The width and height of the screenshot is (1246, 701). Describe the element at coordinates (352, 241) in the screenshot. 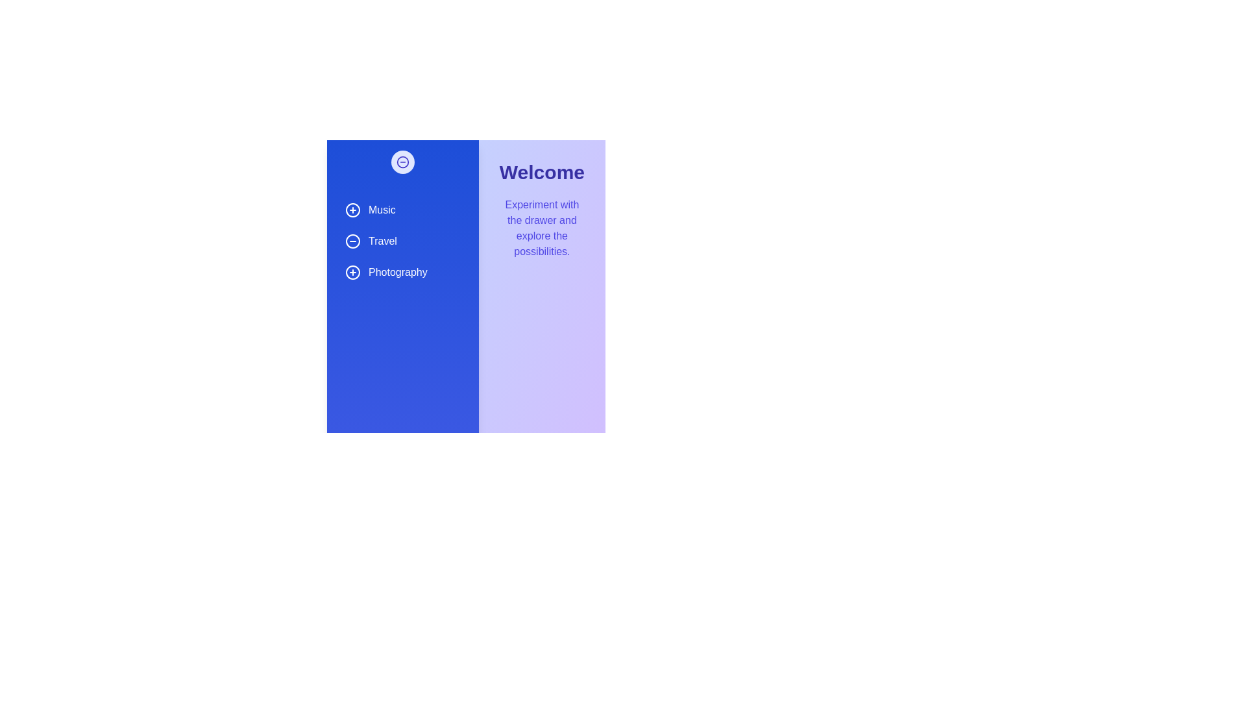

I see `the icon corresponding to Travel in the drawer` at that location.